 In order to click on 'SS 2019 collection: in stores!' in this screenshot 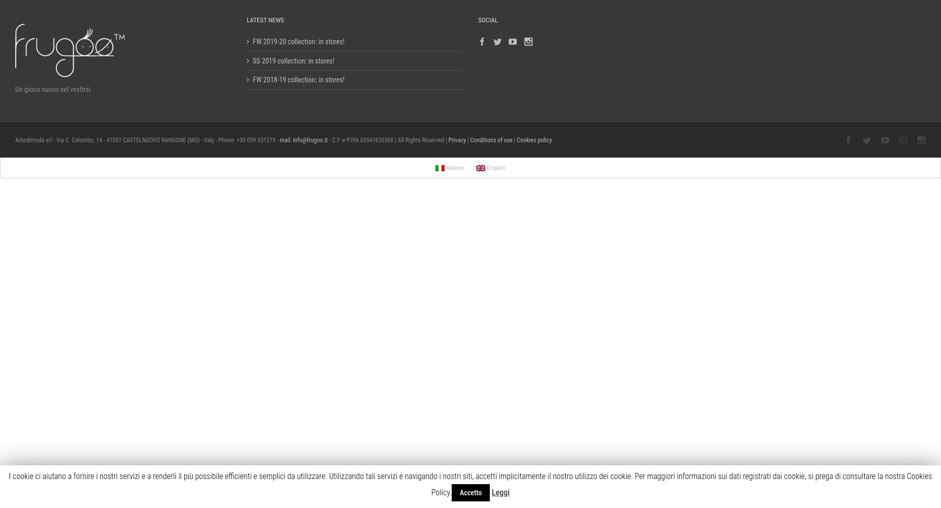, I will do `click(252, 60)`.